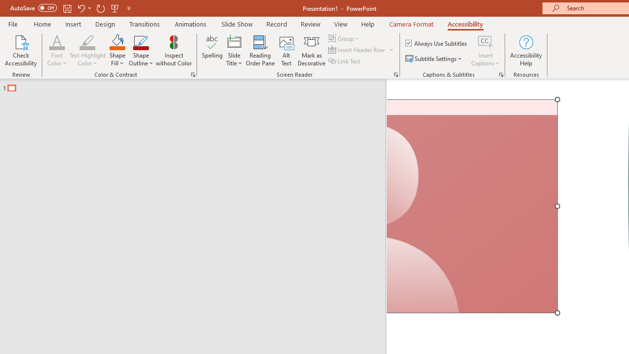 This screenshot has height=354, width=629. Describe the element at coordinates (233, 41) in the screenshot. I see `'Slide Title'` at that location.